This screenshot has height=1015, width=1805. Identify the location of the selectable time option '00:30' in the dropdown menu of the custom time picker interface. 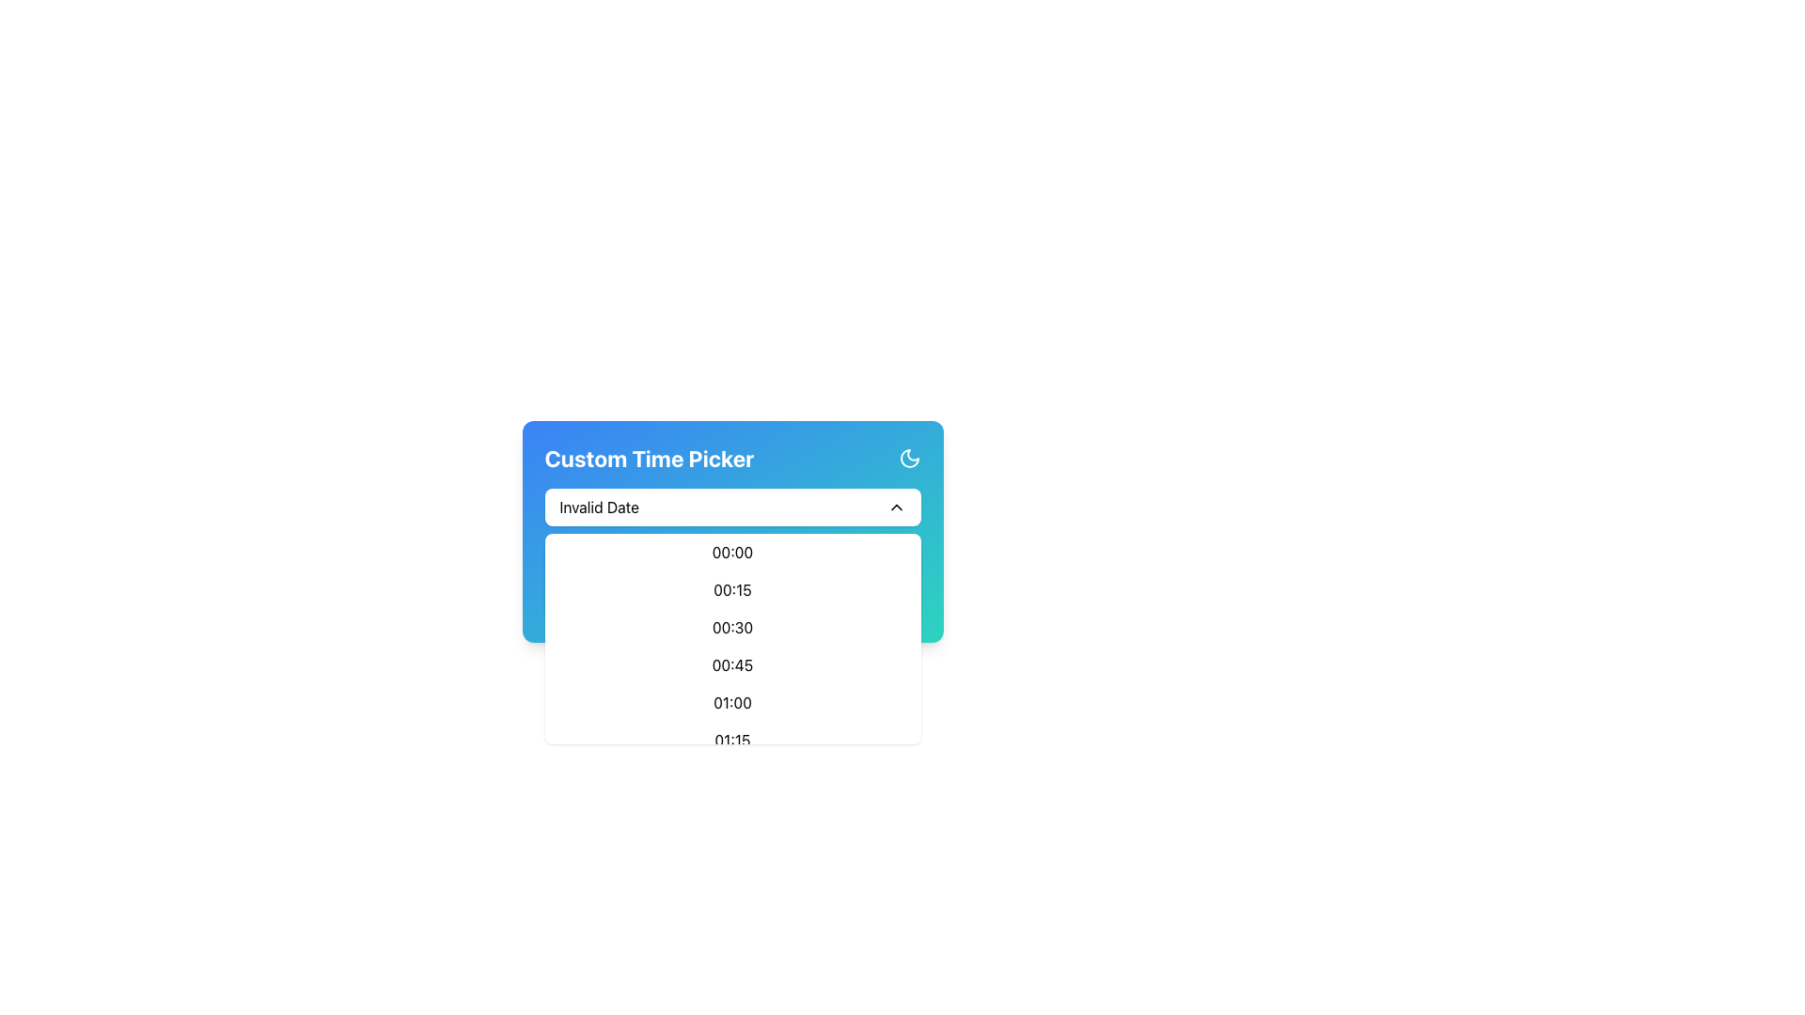
(731, 627).